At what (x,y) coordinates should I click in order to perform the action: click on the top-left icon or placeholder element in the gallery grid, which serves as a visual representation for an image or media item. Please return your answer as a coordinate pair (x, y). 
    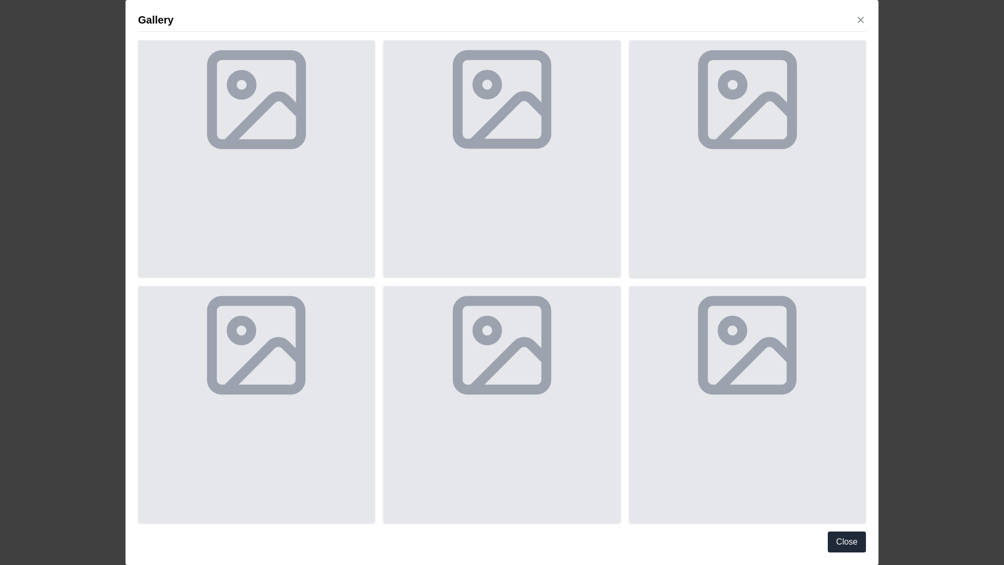
    Looking at the image, I should click on (256, 99).